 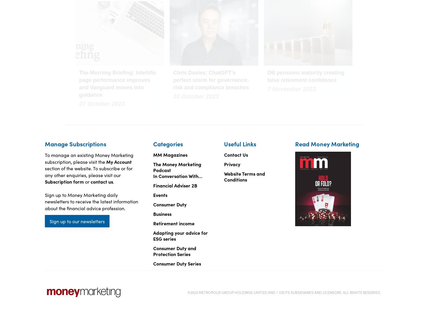 I want to click on 'Chris Davies: ChatGPT’s perfect storm for governance, risk and compliance breaches', so click(x=173, y=80).